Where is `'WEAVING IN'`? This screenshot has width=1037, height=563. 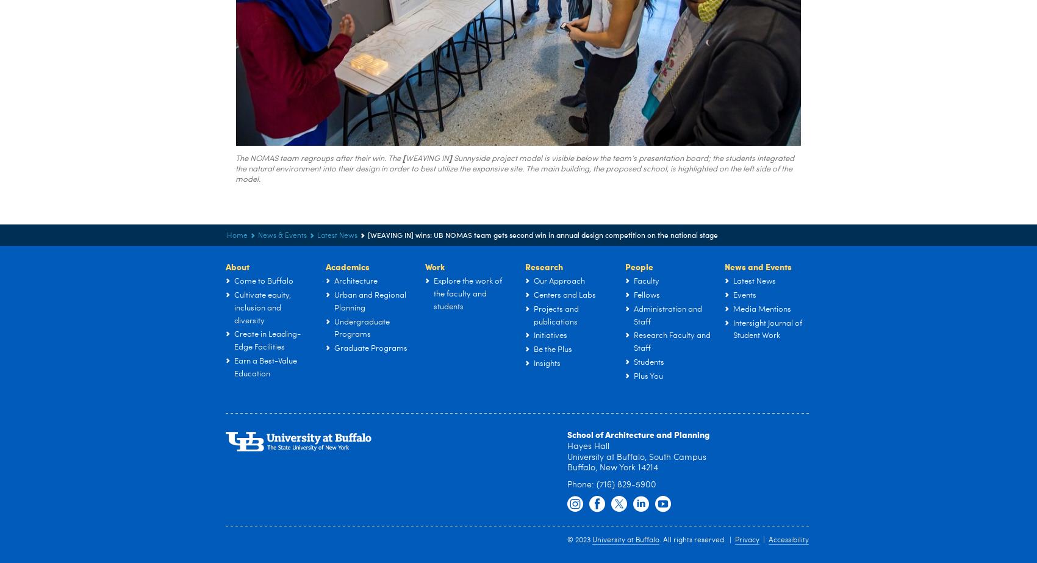 'WEAVING IN' is located at coordinates (427, 158).